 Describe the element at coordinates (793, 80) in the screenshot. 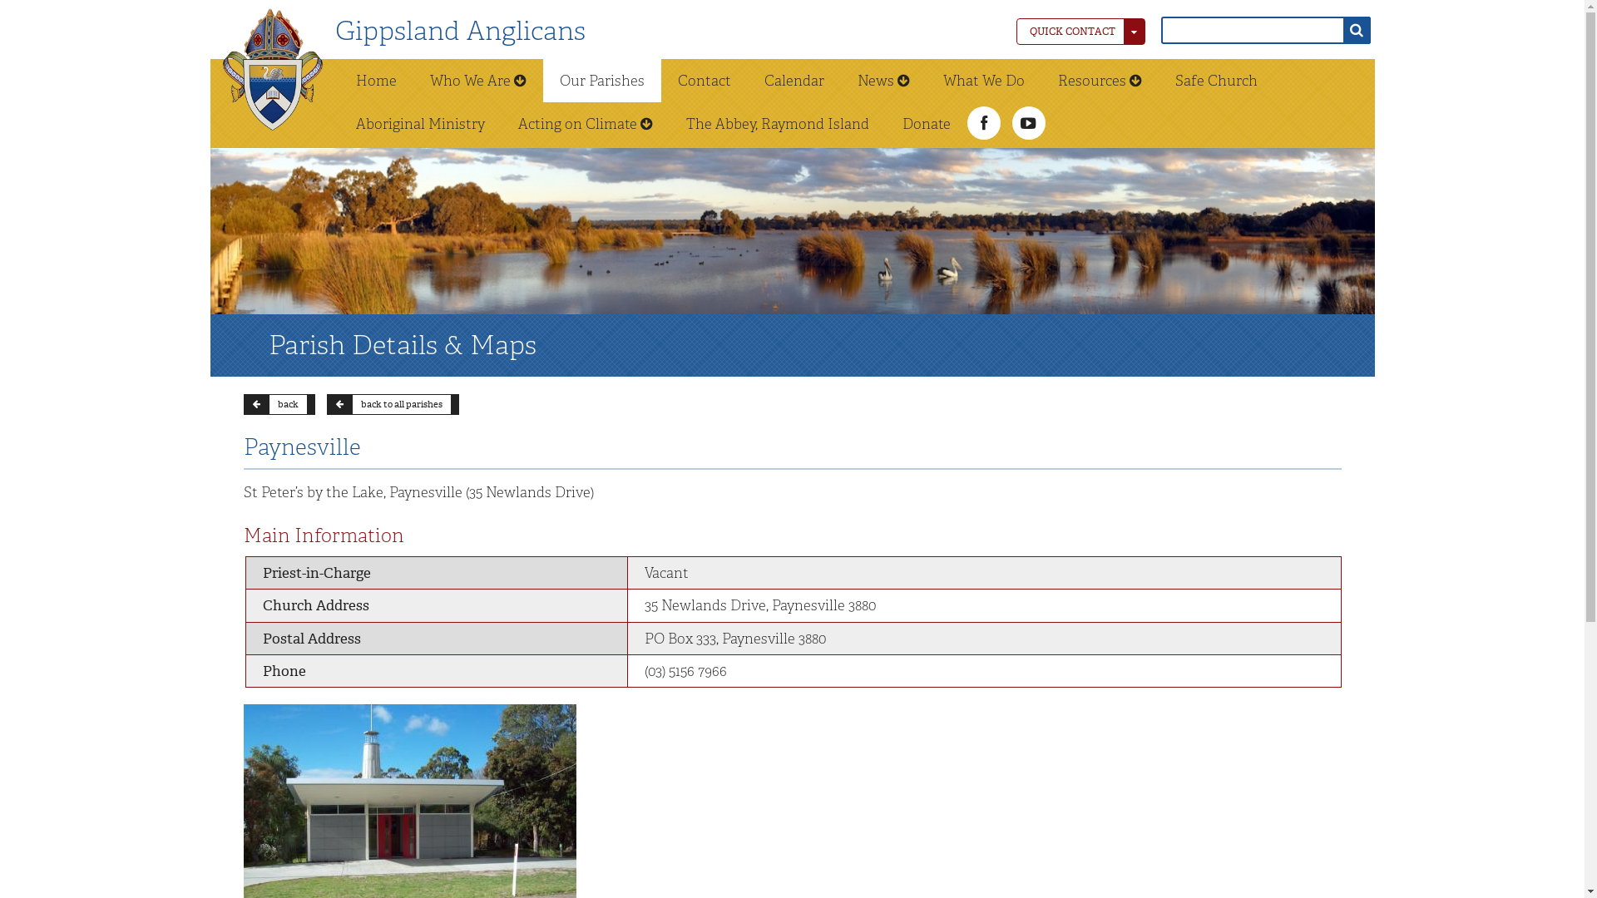

I see `'Calendar'` at that location.